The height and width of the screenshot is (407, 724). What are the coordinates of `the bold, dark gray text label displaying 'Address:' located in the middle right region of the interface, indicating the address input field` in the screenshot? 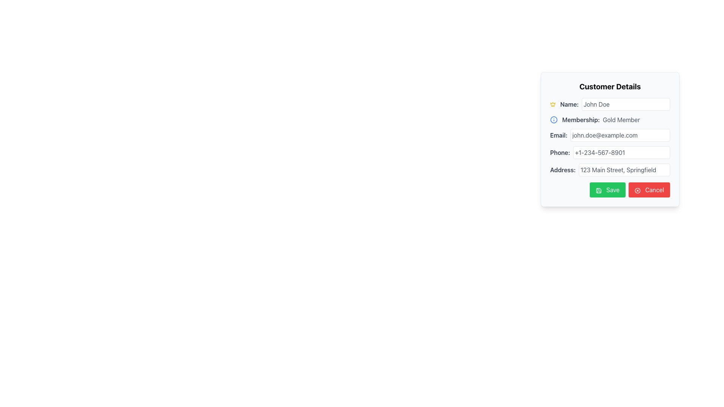 It's located at (563, 170).